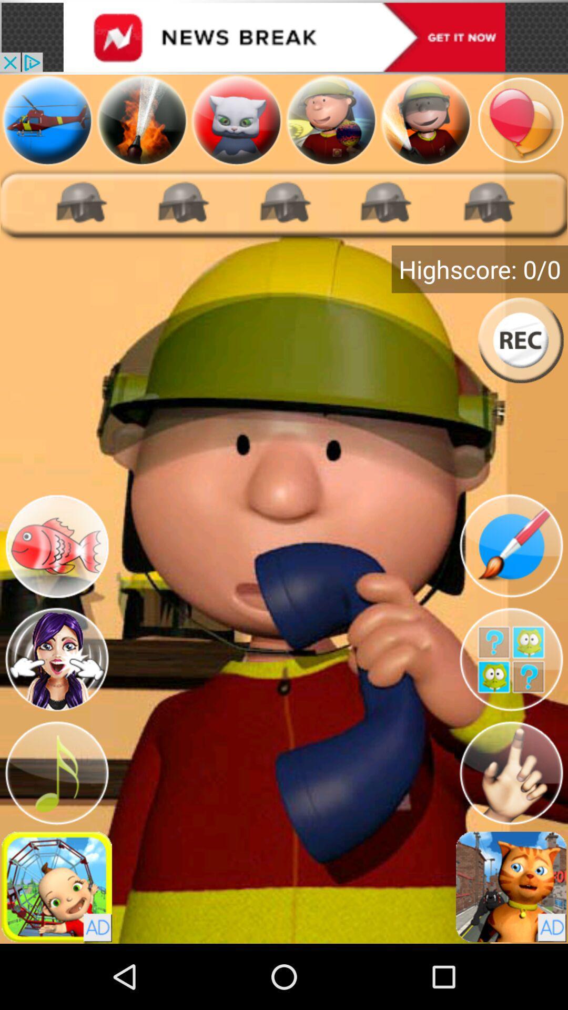 The height and width of the screenshot is (1010, 568). Describe the element at coordinates (511, 583) in the screenshot. I see `the edit icon` at that location.